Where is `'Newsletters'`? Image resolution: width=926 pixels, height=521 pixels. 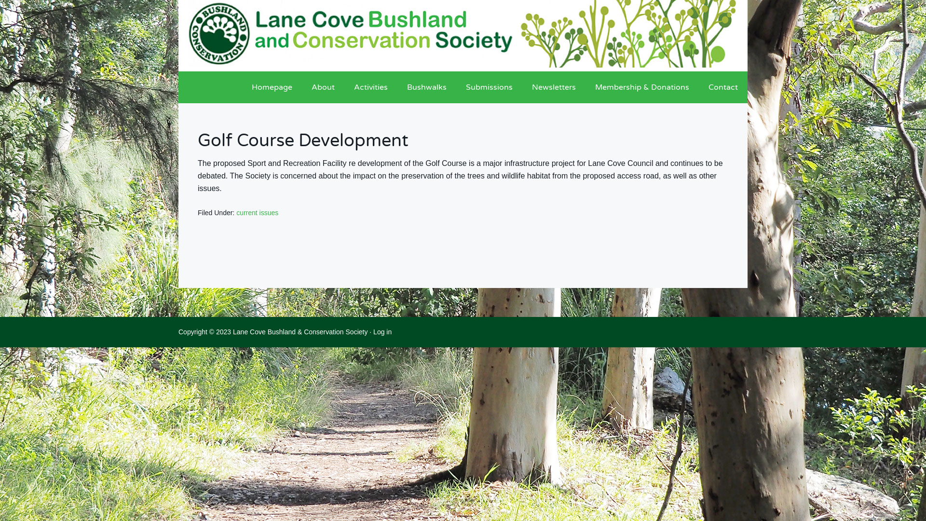
'Newsletters' is located at coordinates (554, 87).